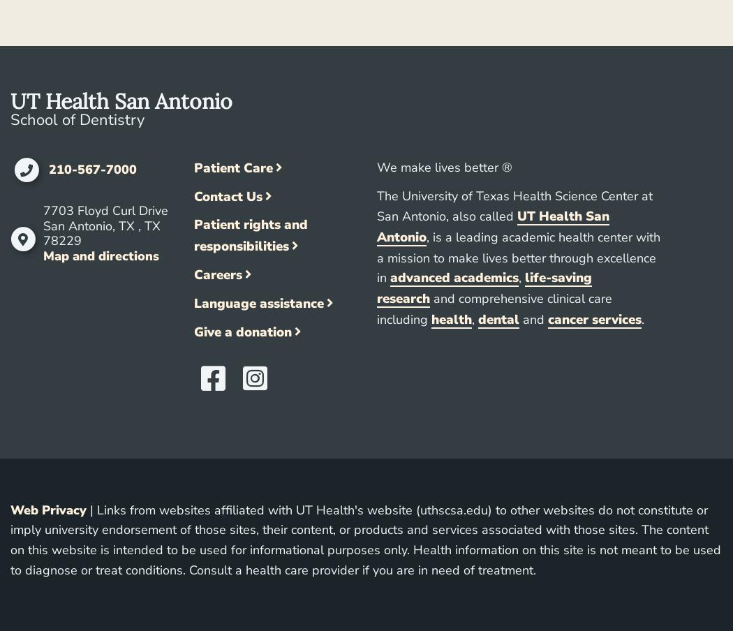  I want to click on 'advanced academics', so click(454, 278).